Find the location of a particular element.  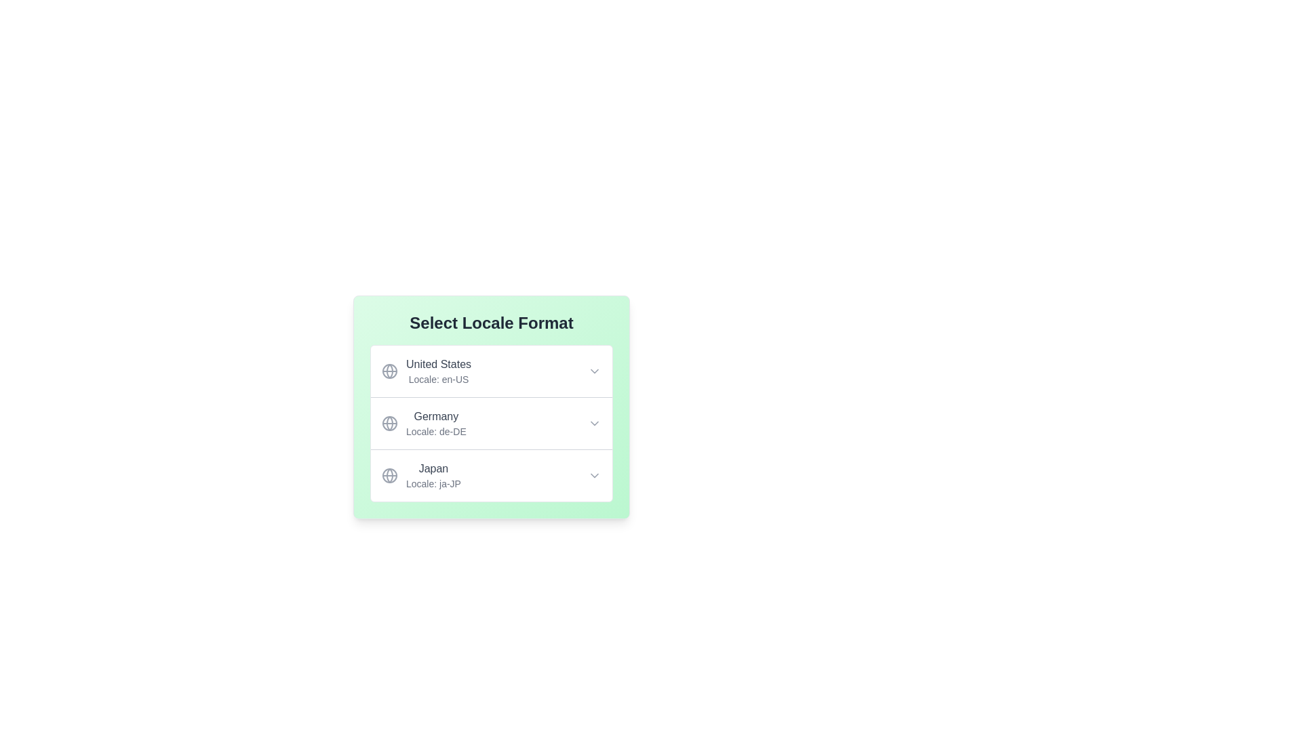

the list item for Germany locale settings ('de-DE') is located at coordinates (490, 422).